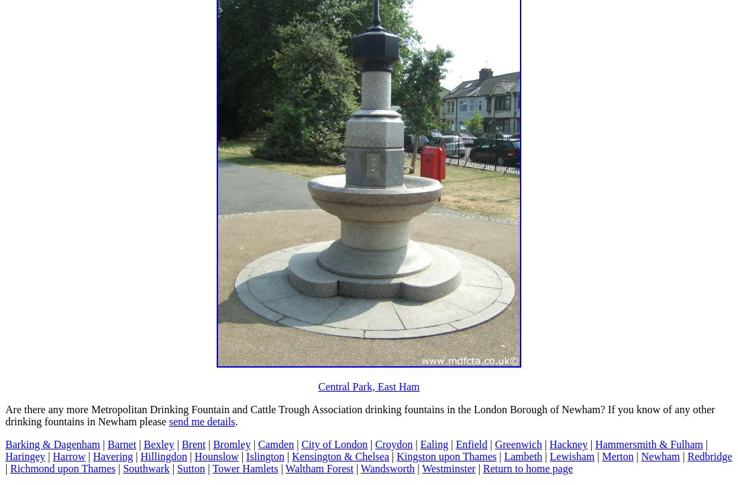 This screenshot has width=738, height=485. Describe the element at coordinates (448, 467) in the screenshot. I see `'Westminster'` at that location.